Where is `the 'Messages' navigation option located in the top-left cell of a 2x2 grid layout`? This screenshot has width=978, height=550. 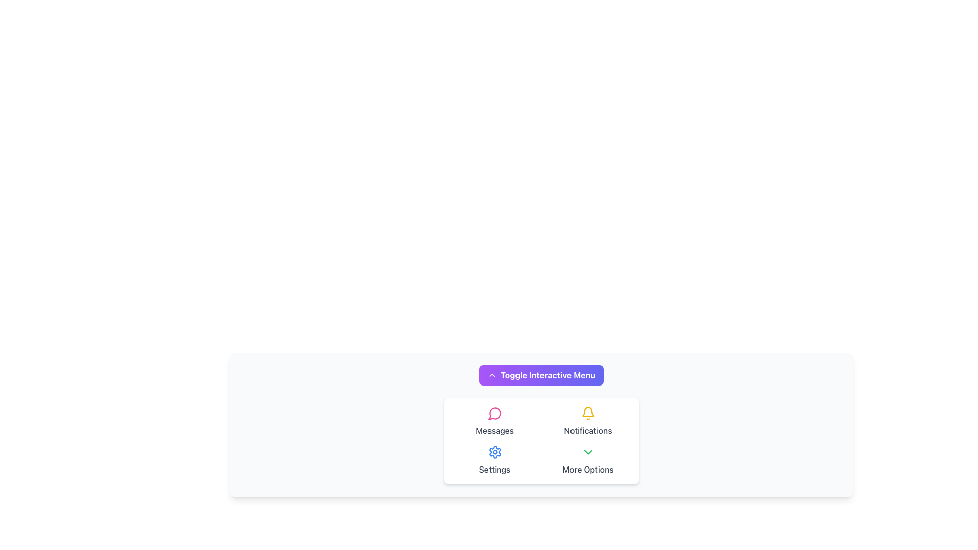 the 'Messages' navigation option located in the top-left cell of a 2x2 grid layout is located at coordinates (495, 422).